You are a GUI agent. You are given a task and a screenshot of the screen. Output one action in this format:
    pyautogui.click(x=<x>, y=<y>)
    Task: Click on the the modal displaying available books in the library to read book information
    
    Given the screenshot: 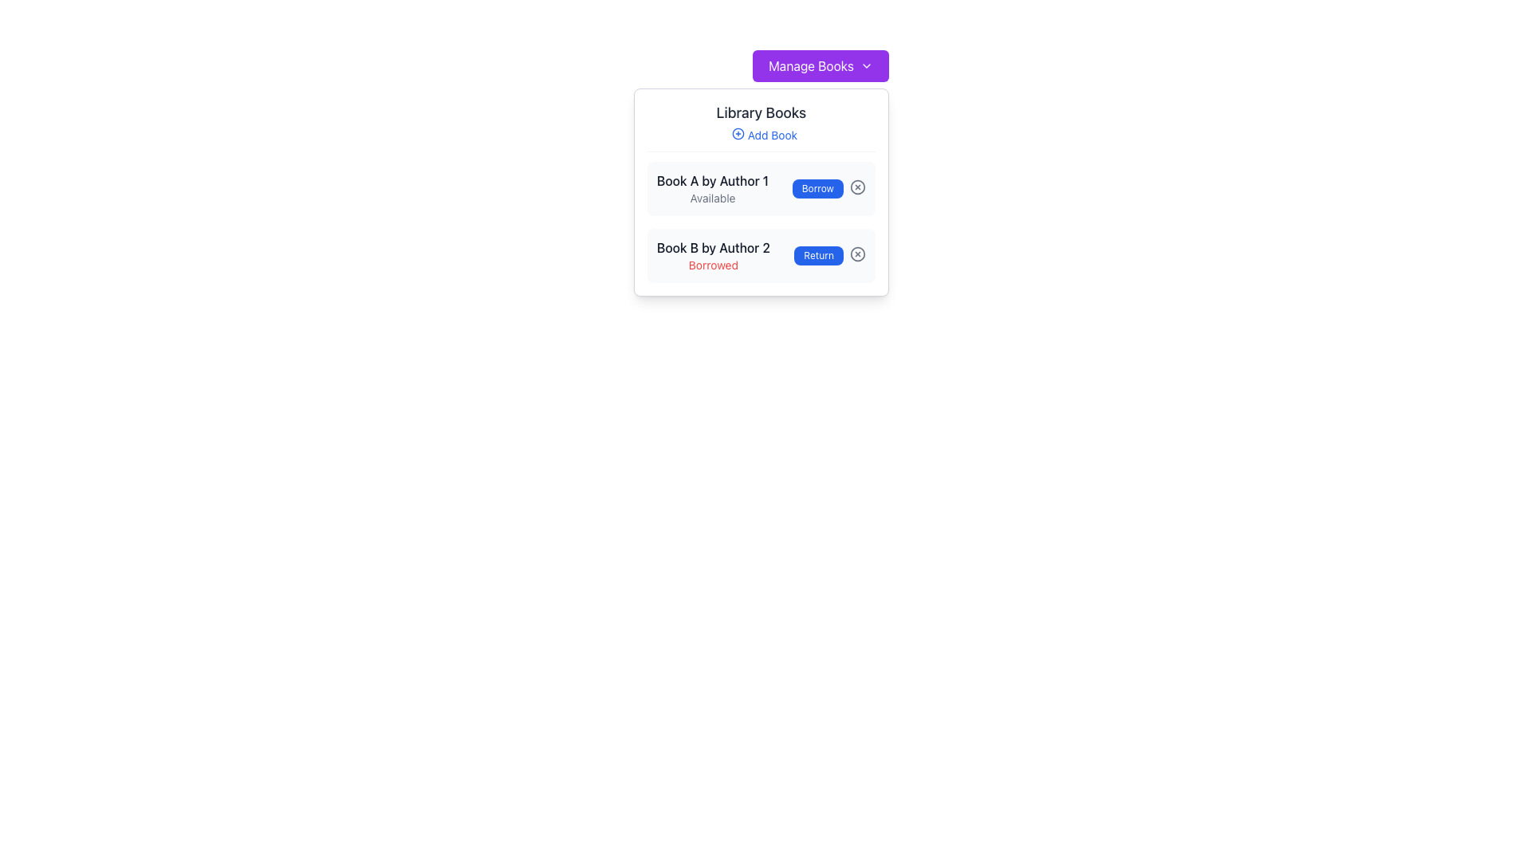 What is the action you would take?
    pyautogui.click(x=760, y=191)
    